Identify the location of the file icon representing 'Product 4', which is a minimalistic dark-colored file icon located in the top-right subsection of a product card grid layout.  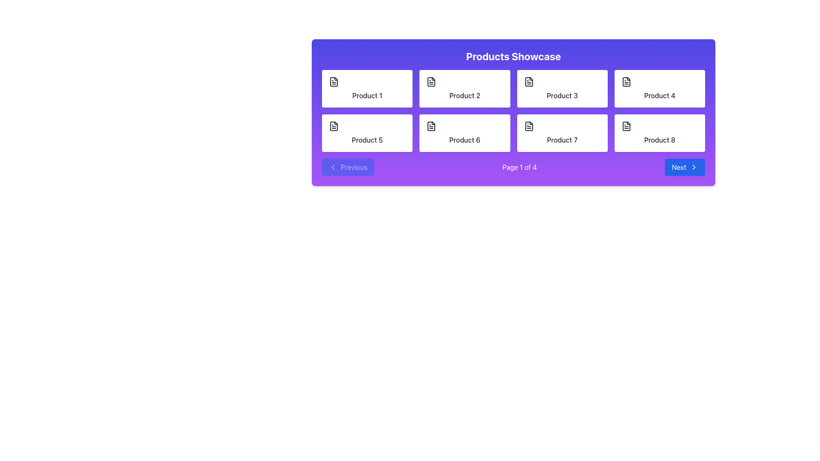
(626, 82).